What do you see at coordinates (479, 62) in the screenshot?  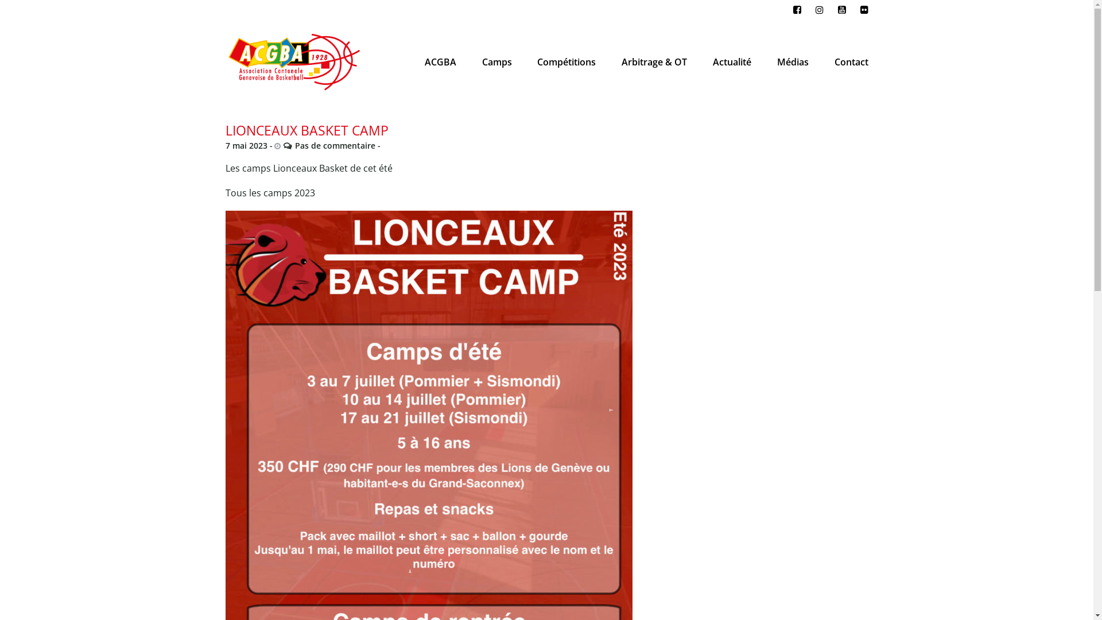 I see `'Camps'` at bounding box center [479, 62].